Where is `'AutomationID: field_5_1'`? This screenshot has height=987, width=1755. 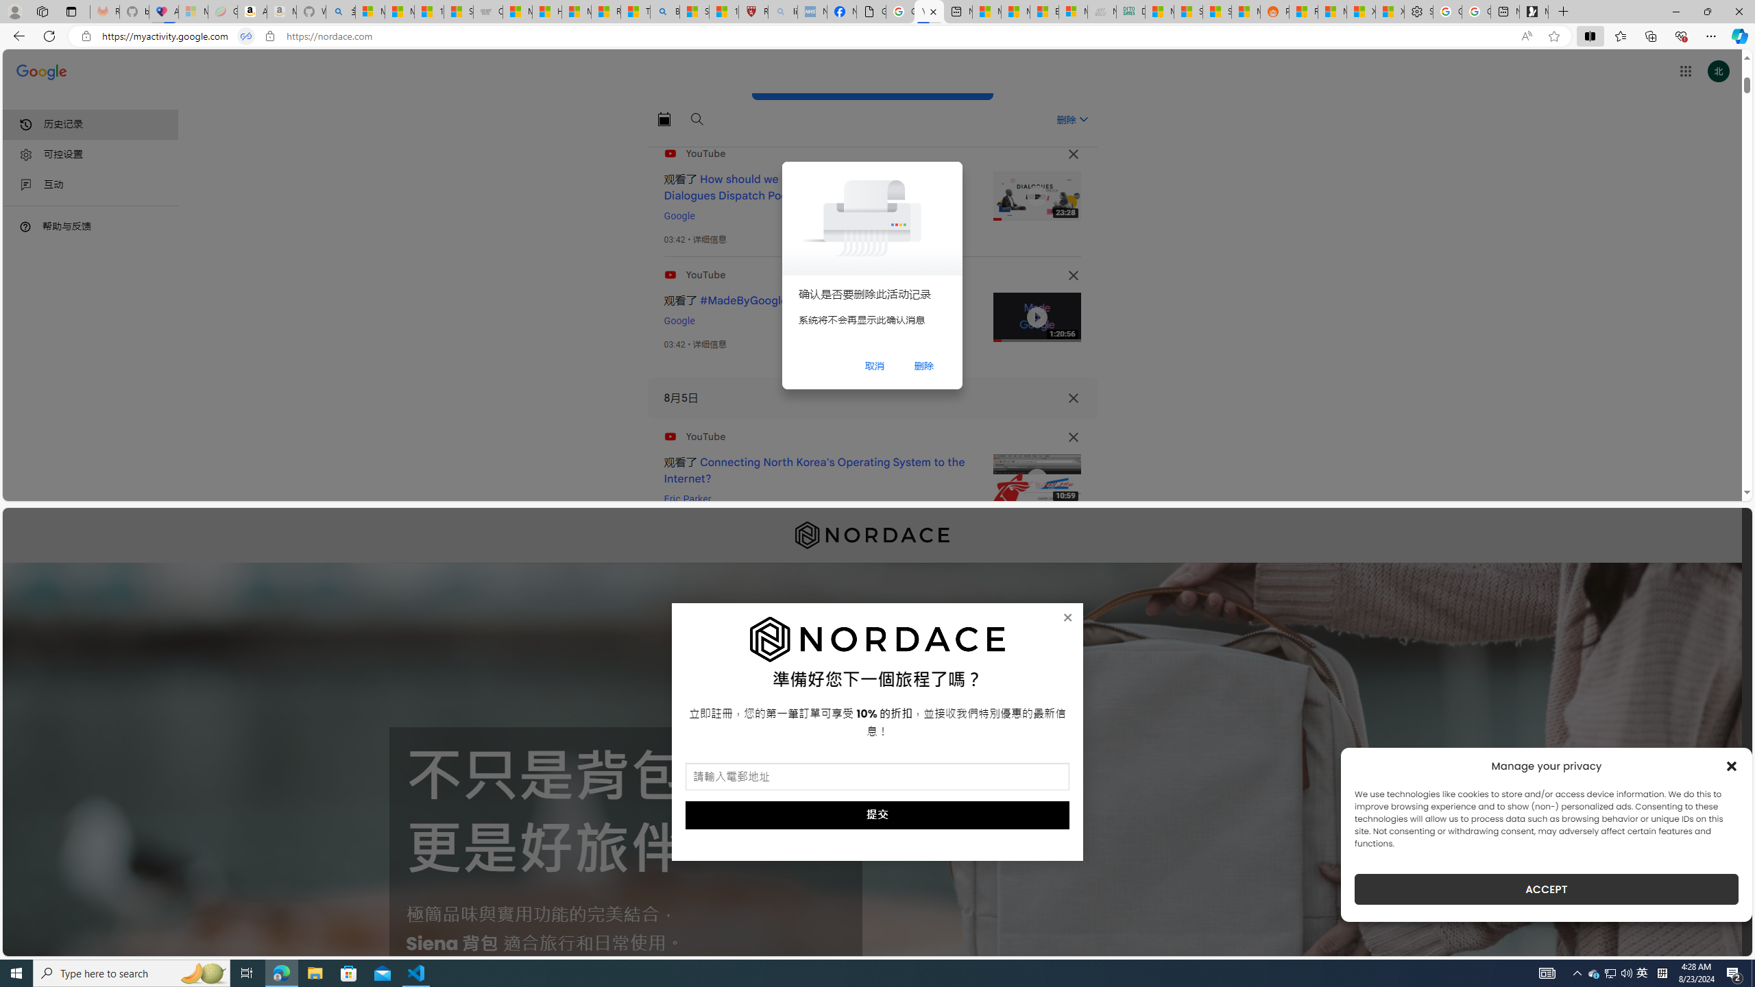
'AutomationID: field_5_1' is located at coordinates (877, 777).